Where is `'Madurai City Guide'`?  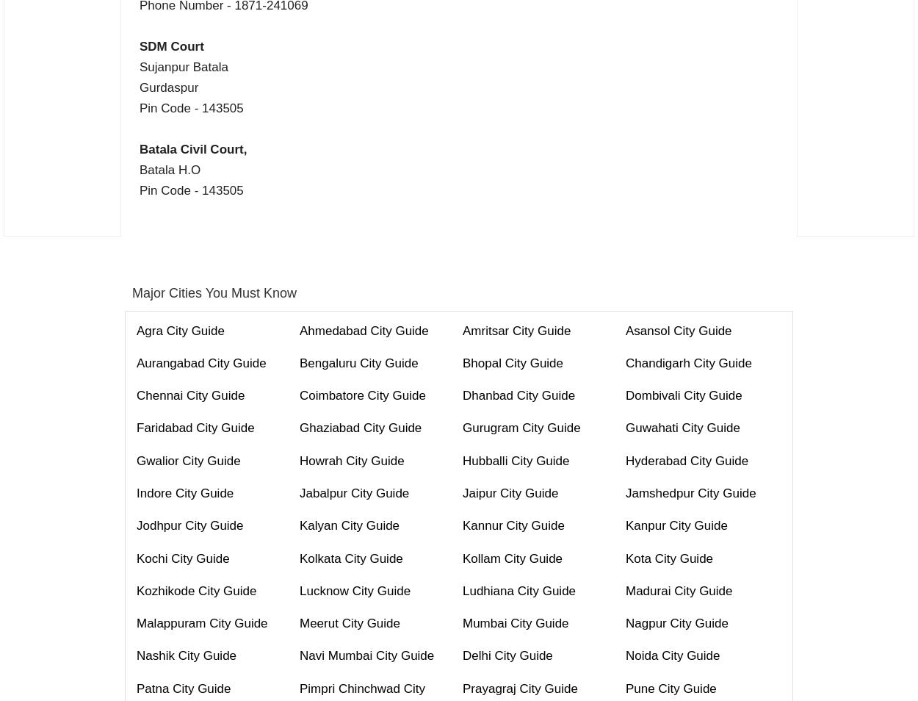
'Madurai City Guide' is located at coordinates (625, 590).